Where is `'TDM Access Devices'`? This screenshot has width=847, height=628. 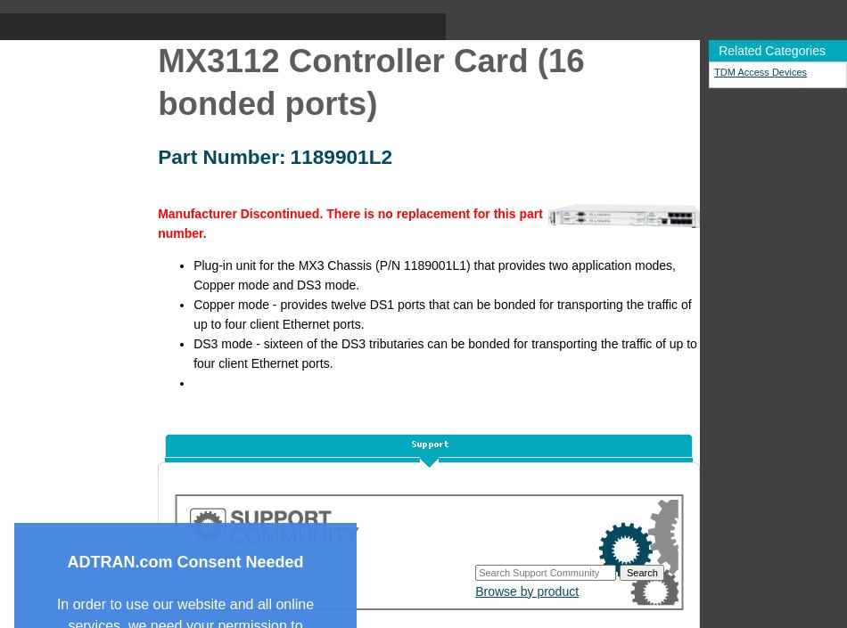
'TDM Access Devices' is located at coordinates (760, 72).